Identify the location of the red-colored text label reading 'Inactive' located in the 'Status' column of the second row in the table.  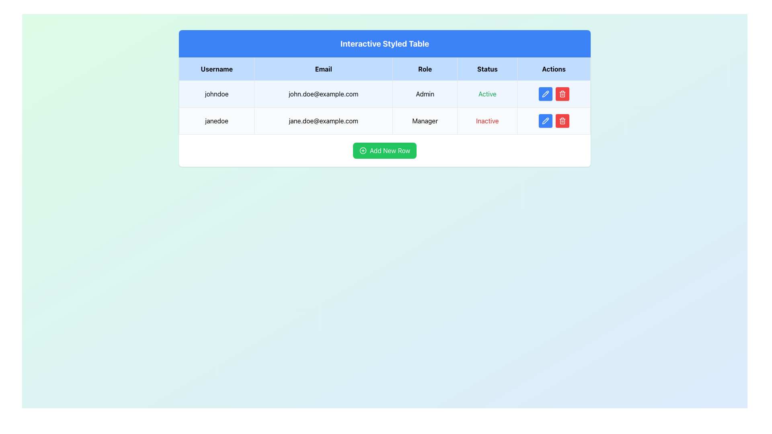
(487, 121).